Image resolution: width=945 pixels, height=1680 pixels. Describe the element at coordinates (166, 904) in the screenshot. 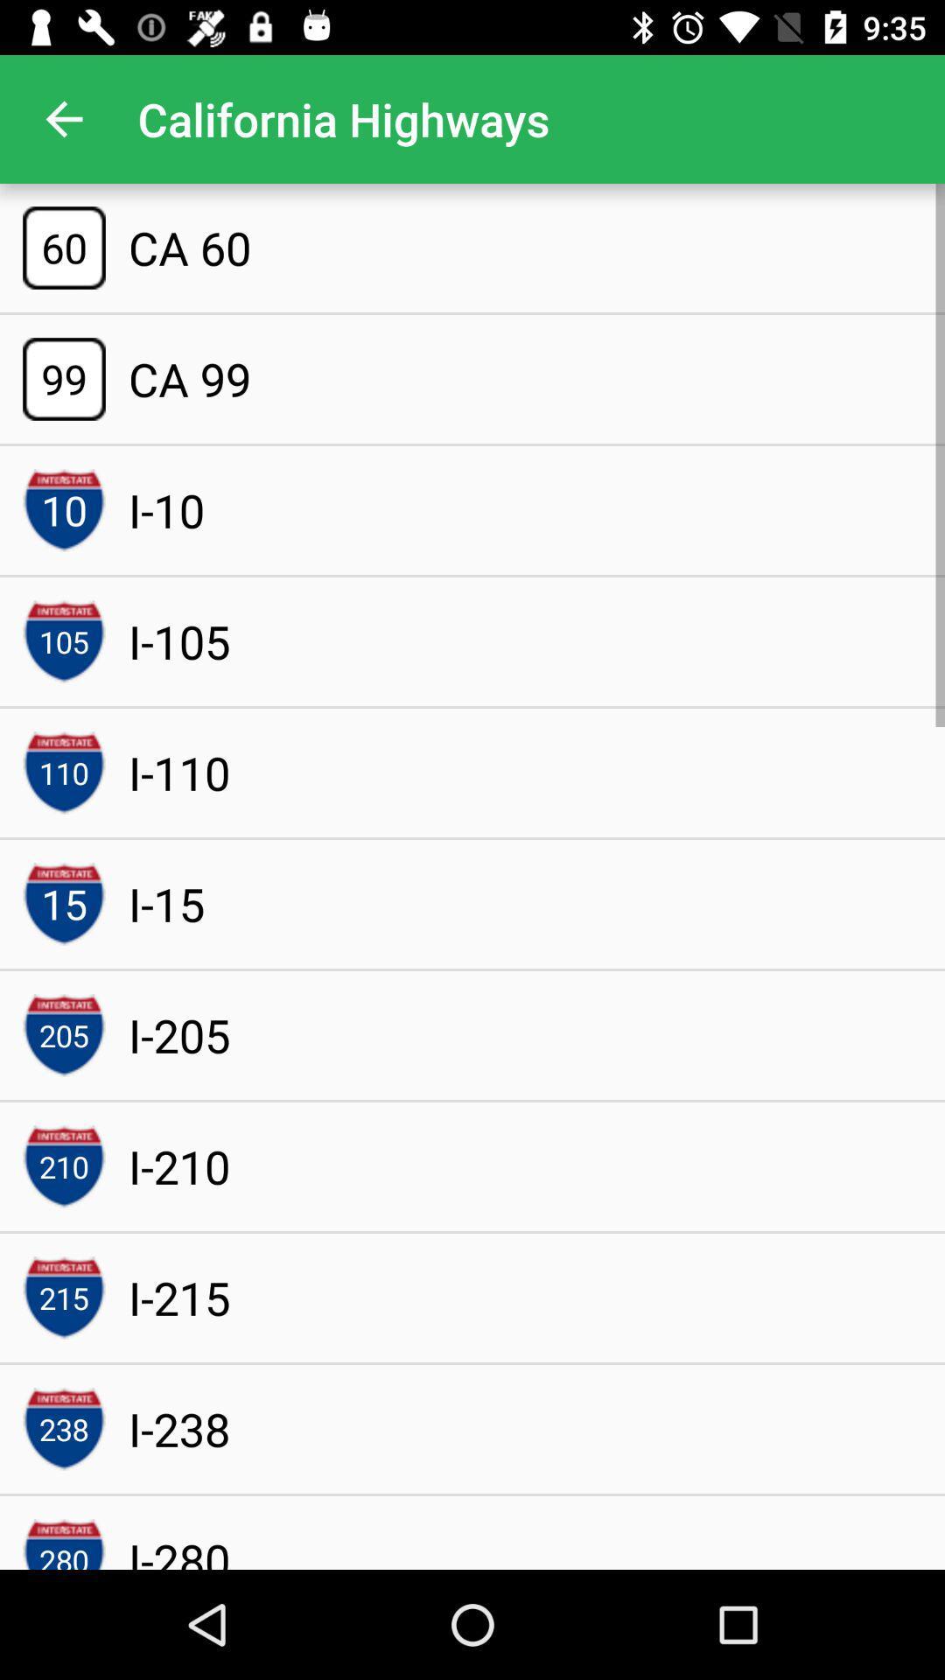

I see `the item below the i-110 item` at that location.